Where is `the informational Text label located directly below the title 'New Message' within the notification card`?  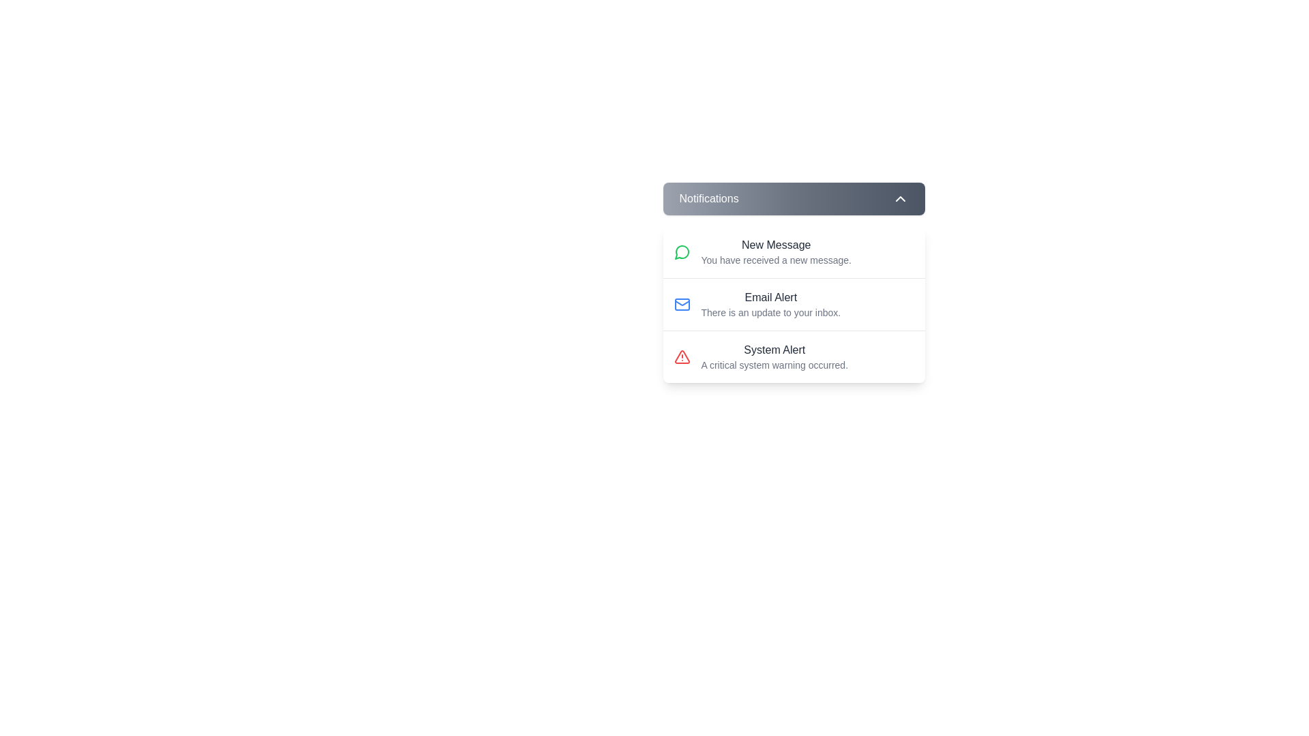
the informational Text label located directly below the title 'New Message' within the notification card is located at coordinates (776, 260).